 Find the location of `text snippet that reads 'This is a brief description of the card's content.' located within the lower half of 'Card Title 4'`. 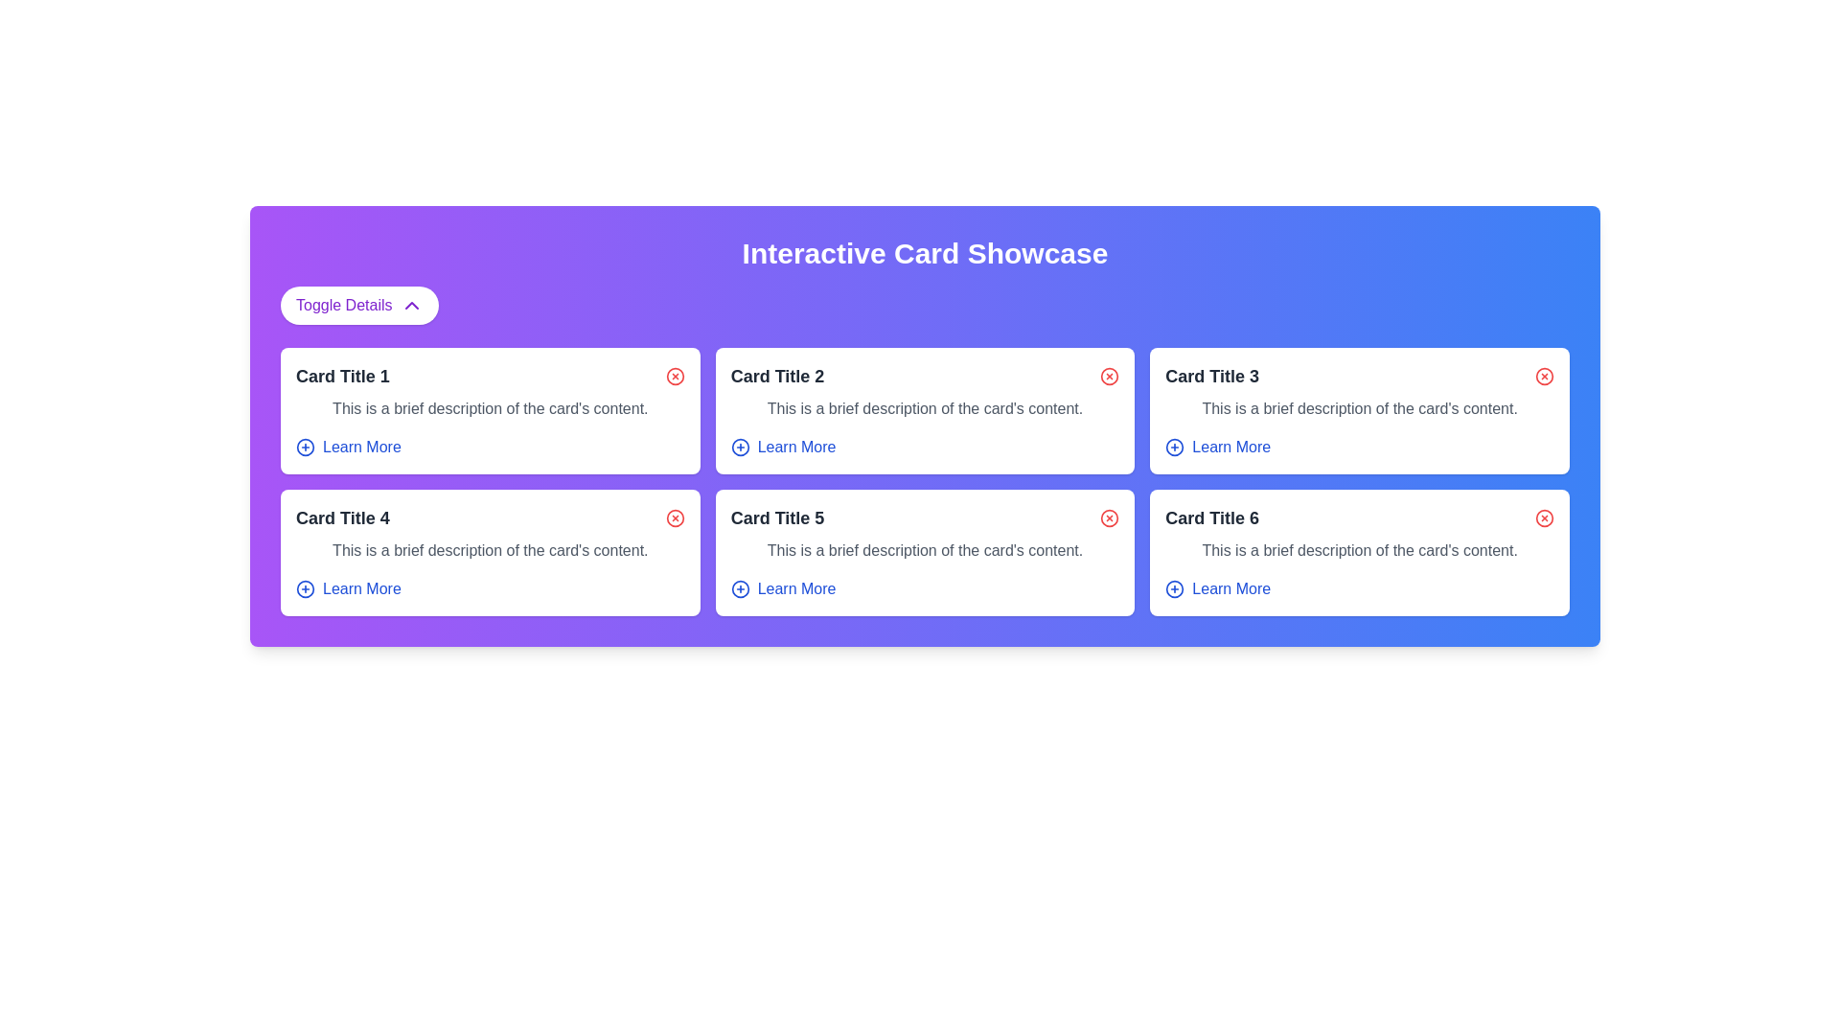

text snippet that reads 'This is a brief description of the card's content.' located within the lower half of 'Card Title 4' is located at coordinates (490, 550).